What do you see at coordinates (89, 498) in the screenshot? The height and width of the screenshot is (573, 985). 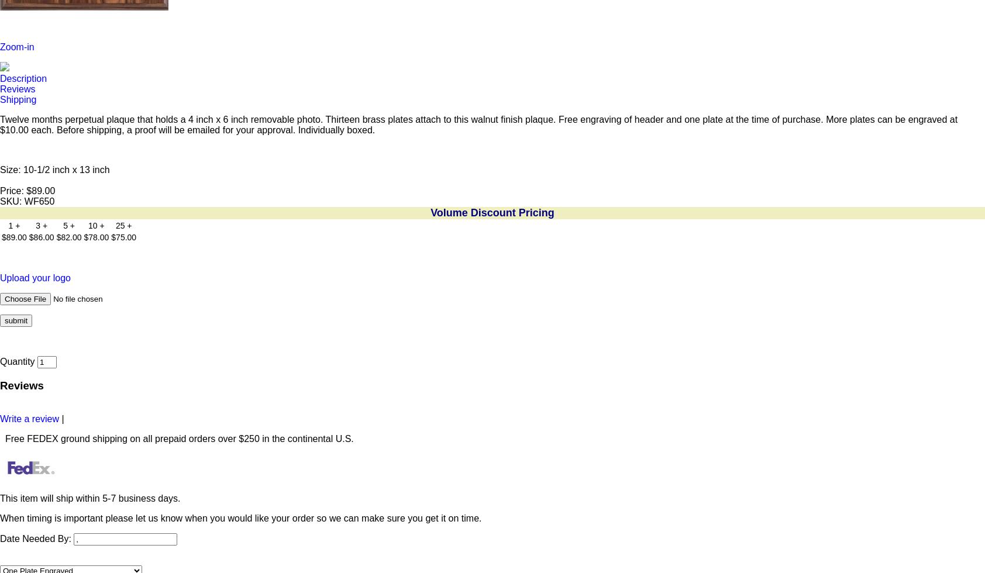 I see `'This item will ship within 5-7 business days.'` at bounding box center [89, 498].